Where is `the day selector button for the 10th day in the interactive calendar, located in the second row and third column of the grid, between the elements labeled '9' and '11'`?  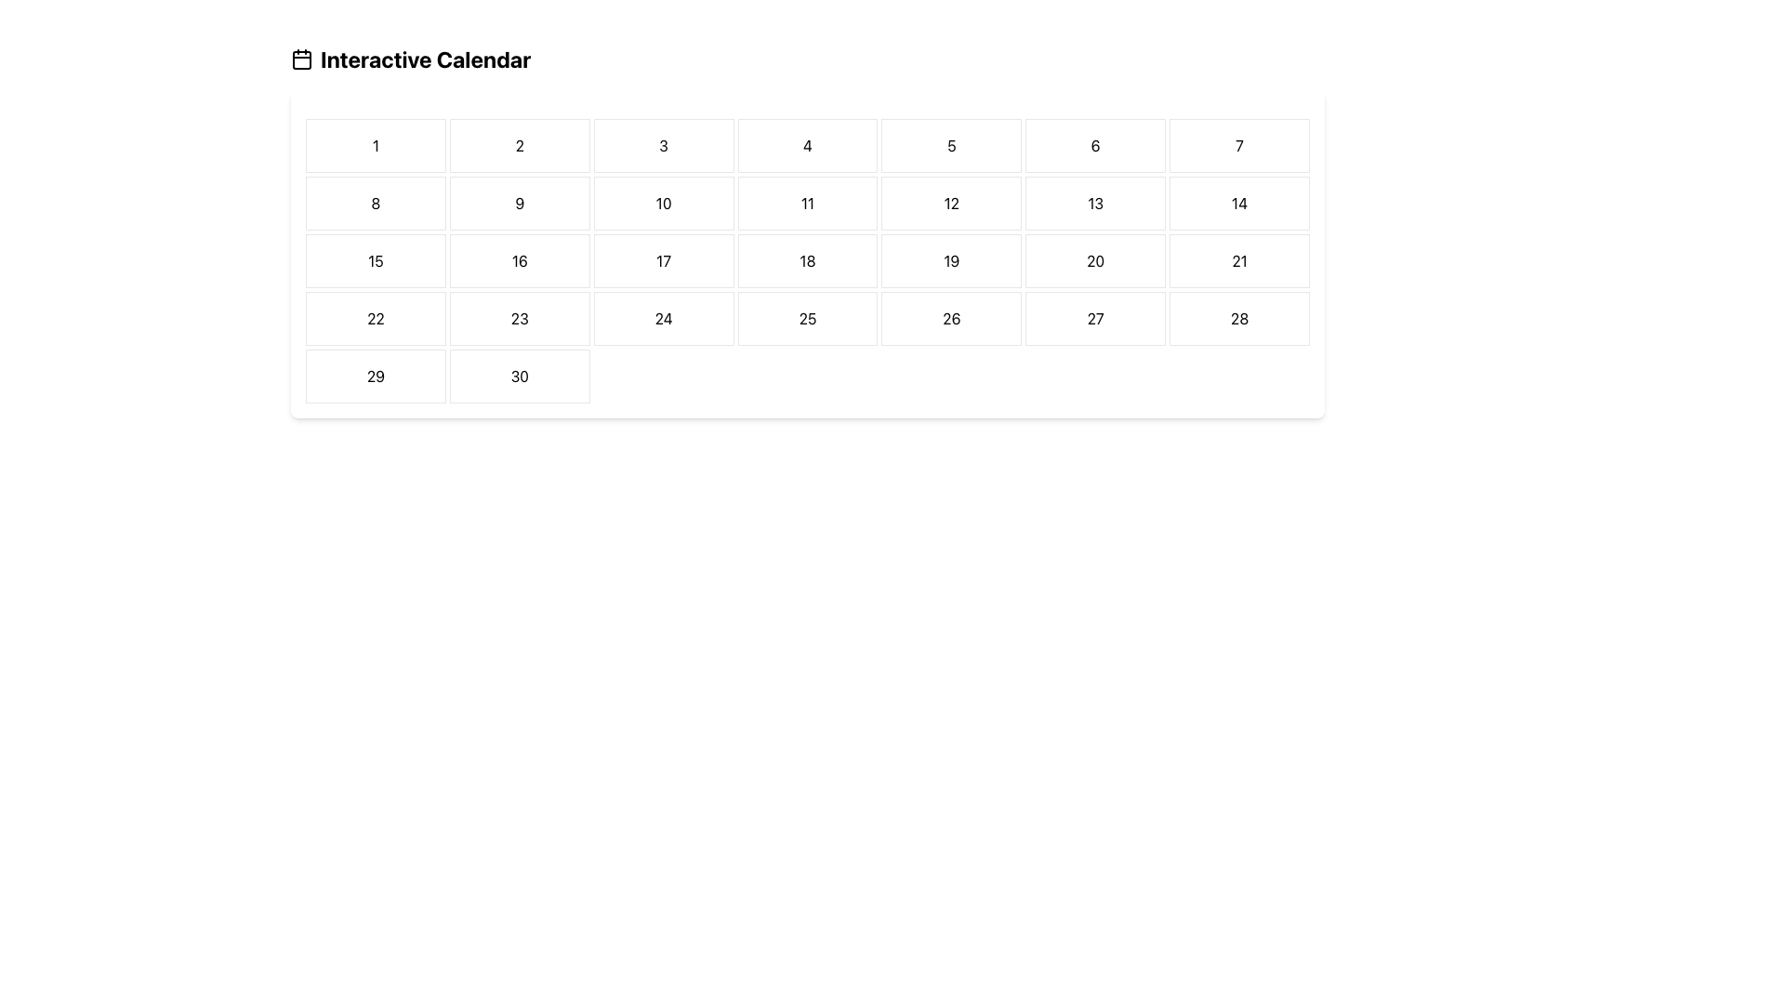
the day selector button for the 10th day in the interactive calendar, located in the second row and third column of the grid, between the elements labeled '9' and '11' is located at coordinates (664, 204).